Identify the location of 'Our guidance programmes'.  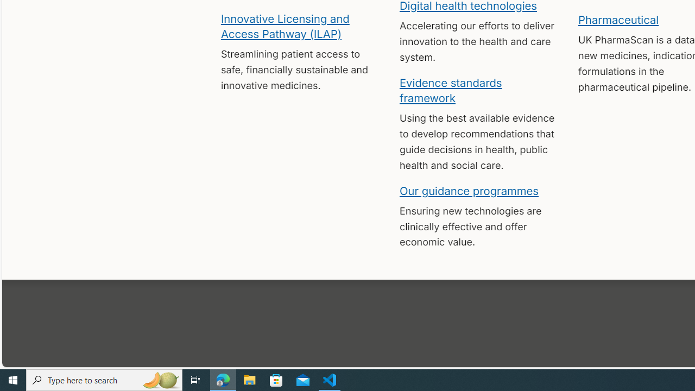
(469, 190).